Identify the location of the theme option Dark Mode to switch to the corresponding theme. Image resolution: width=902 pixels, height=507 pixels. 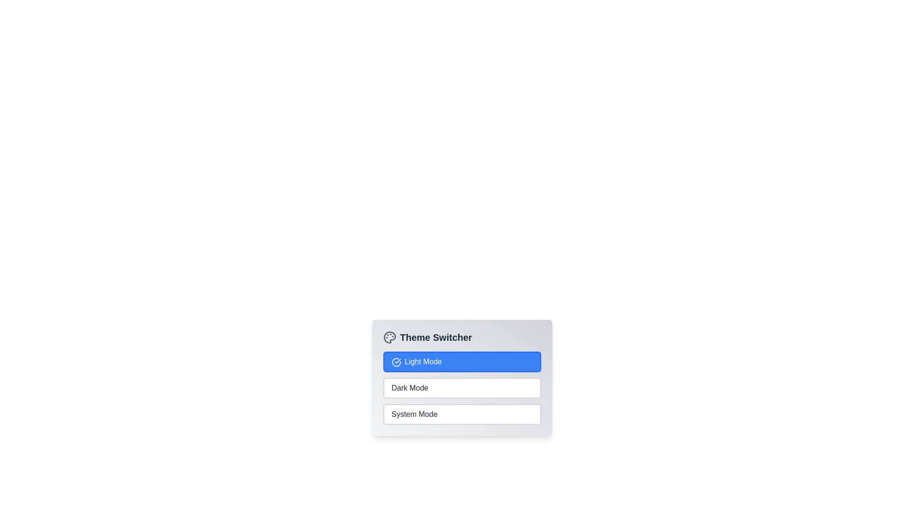
(462, 388).